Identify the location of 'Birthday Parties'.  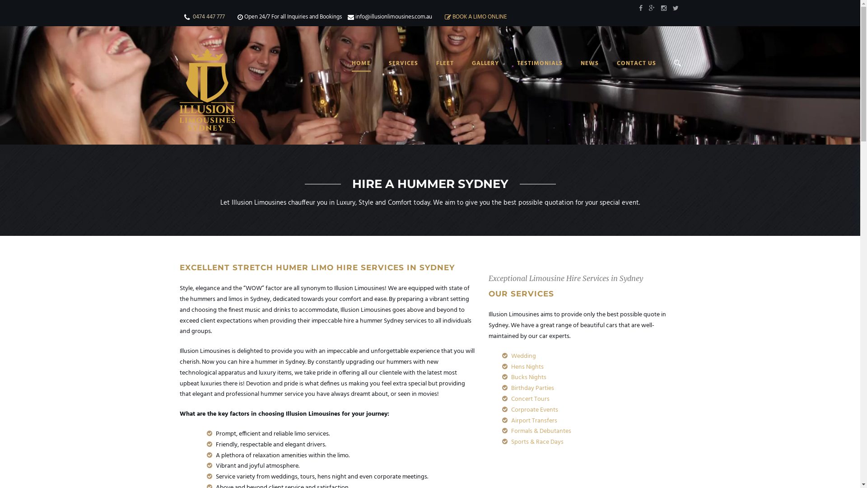
(532, 388).